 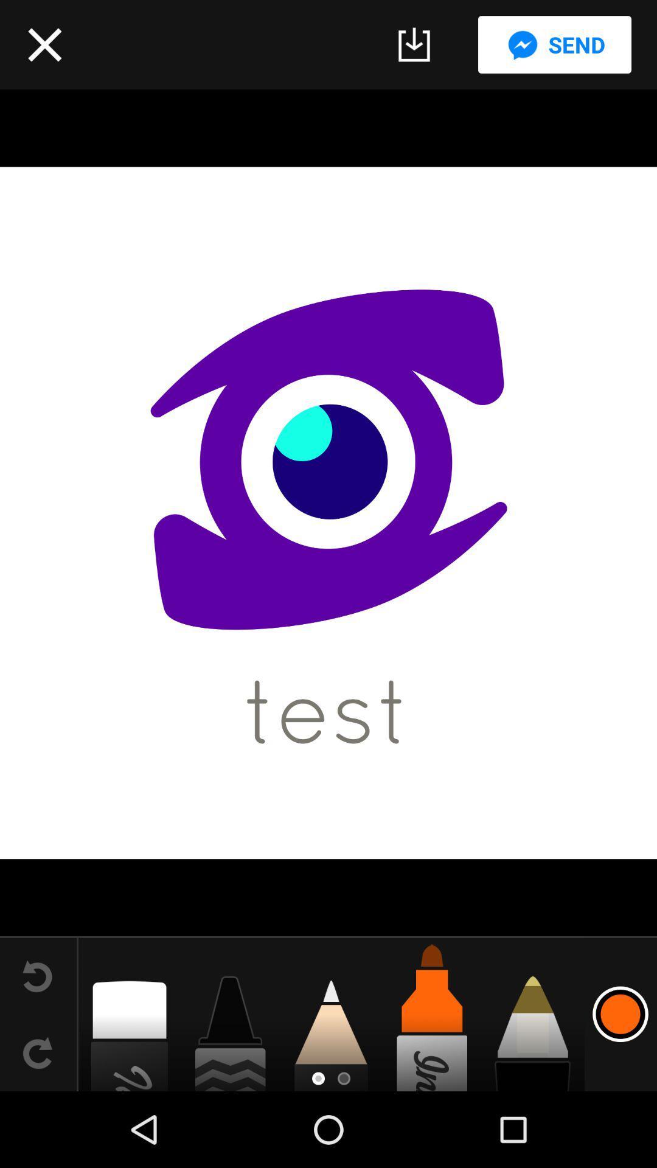 What do you see at coordinates (37, 1052) in the screenshot?
I see `the refresh icon` at bounding box center [37, 1052].